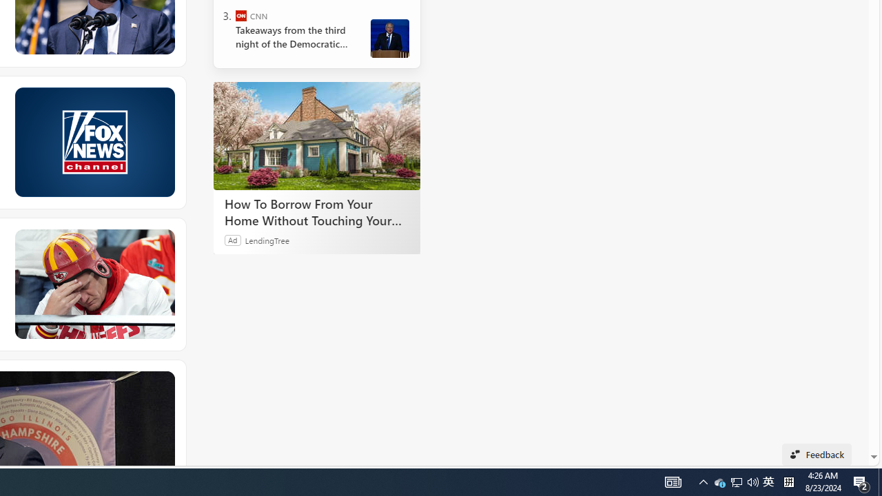  I want to click on 'CNN', so click(241, 16).